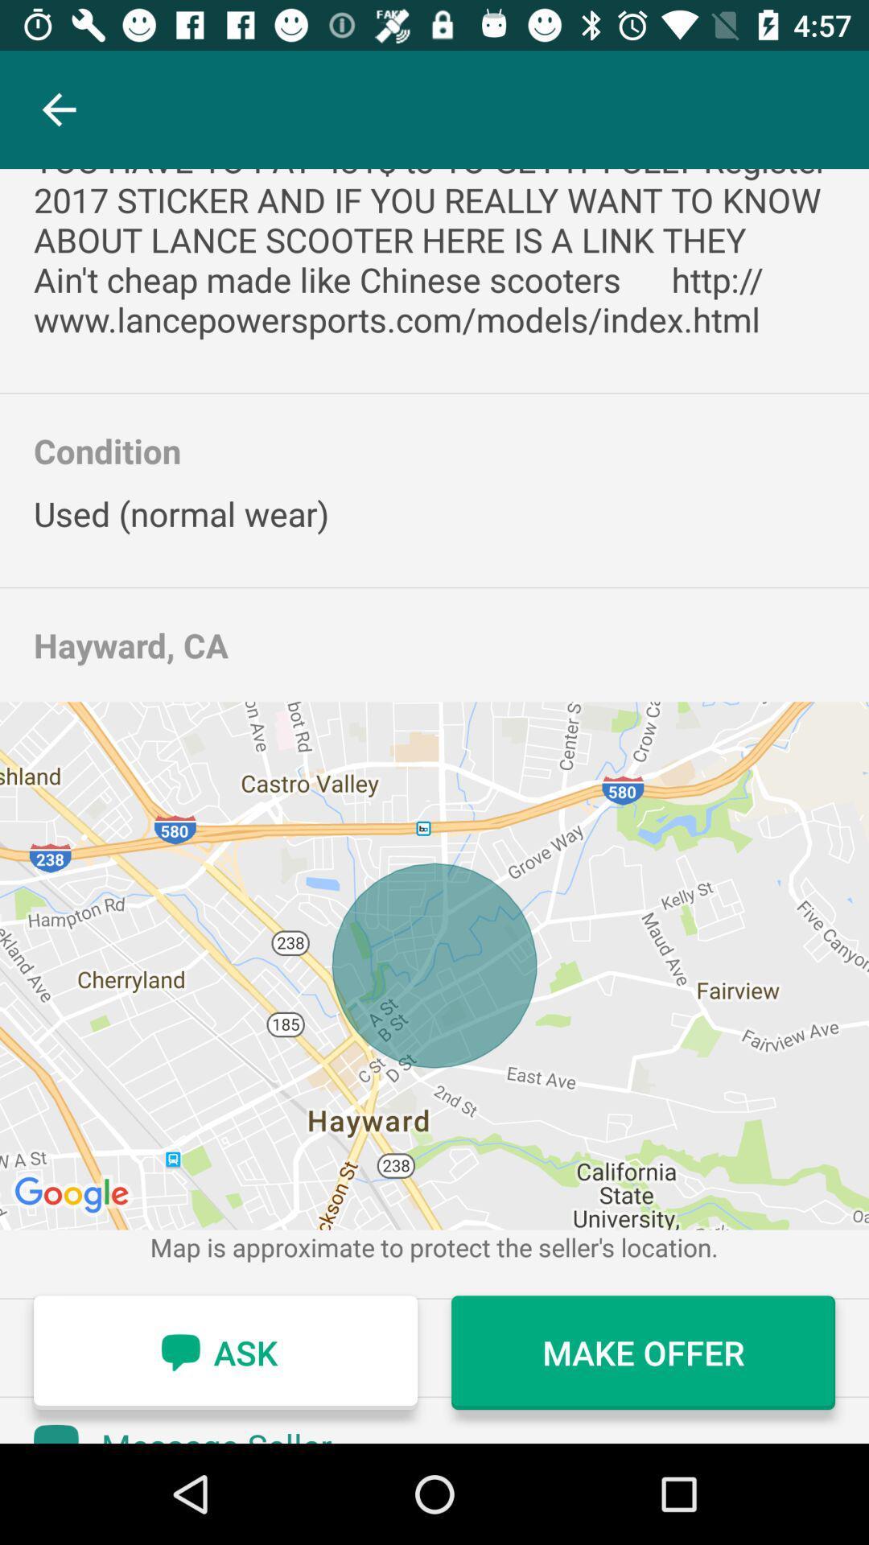  Describe the element at coordinates (642, 1352) in the screenshot. I see `the make offer` at that location.